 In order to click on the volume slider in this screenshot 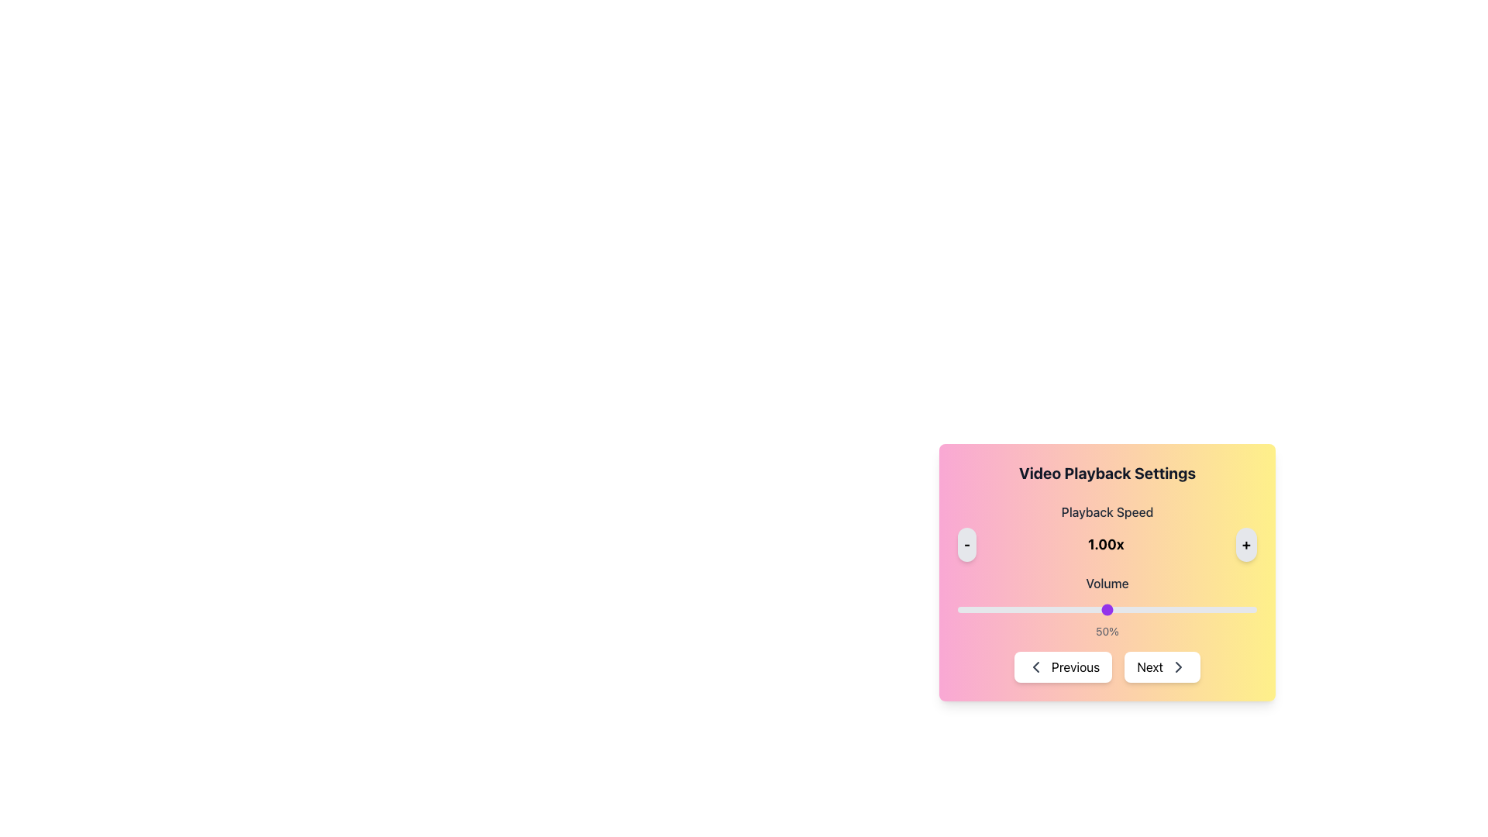, I will do `click(1208, 608)`.